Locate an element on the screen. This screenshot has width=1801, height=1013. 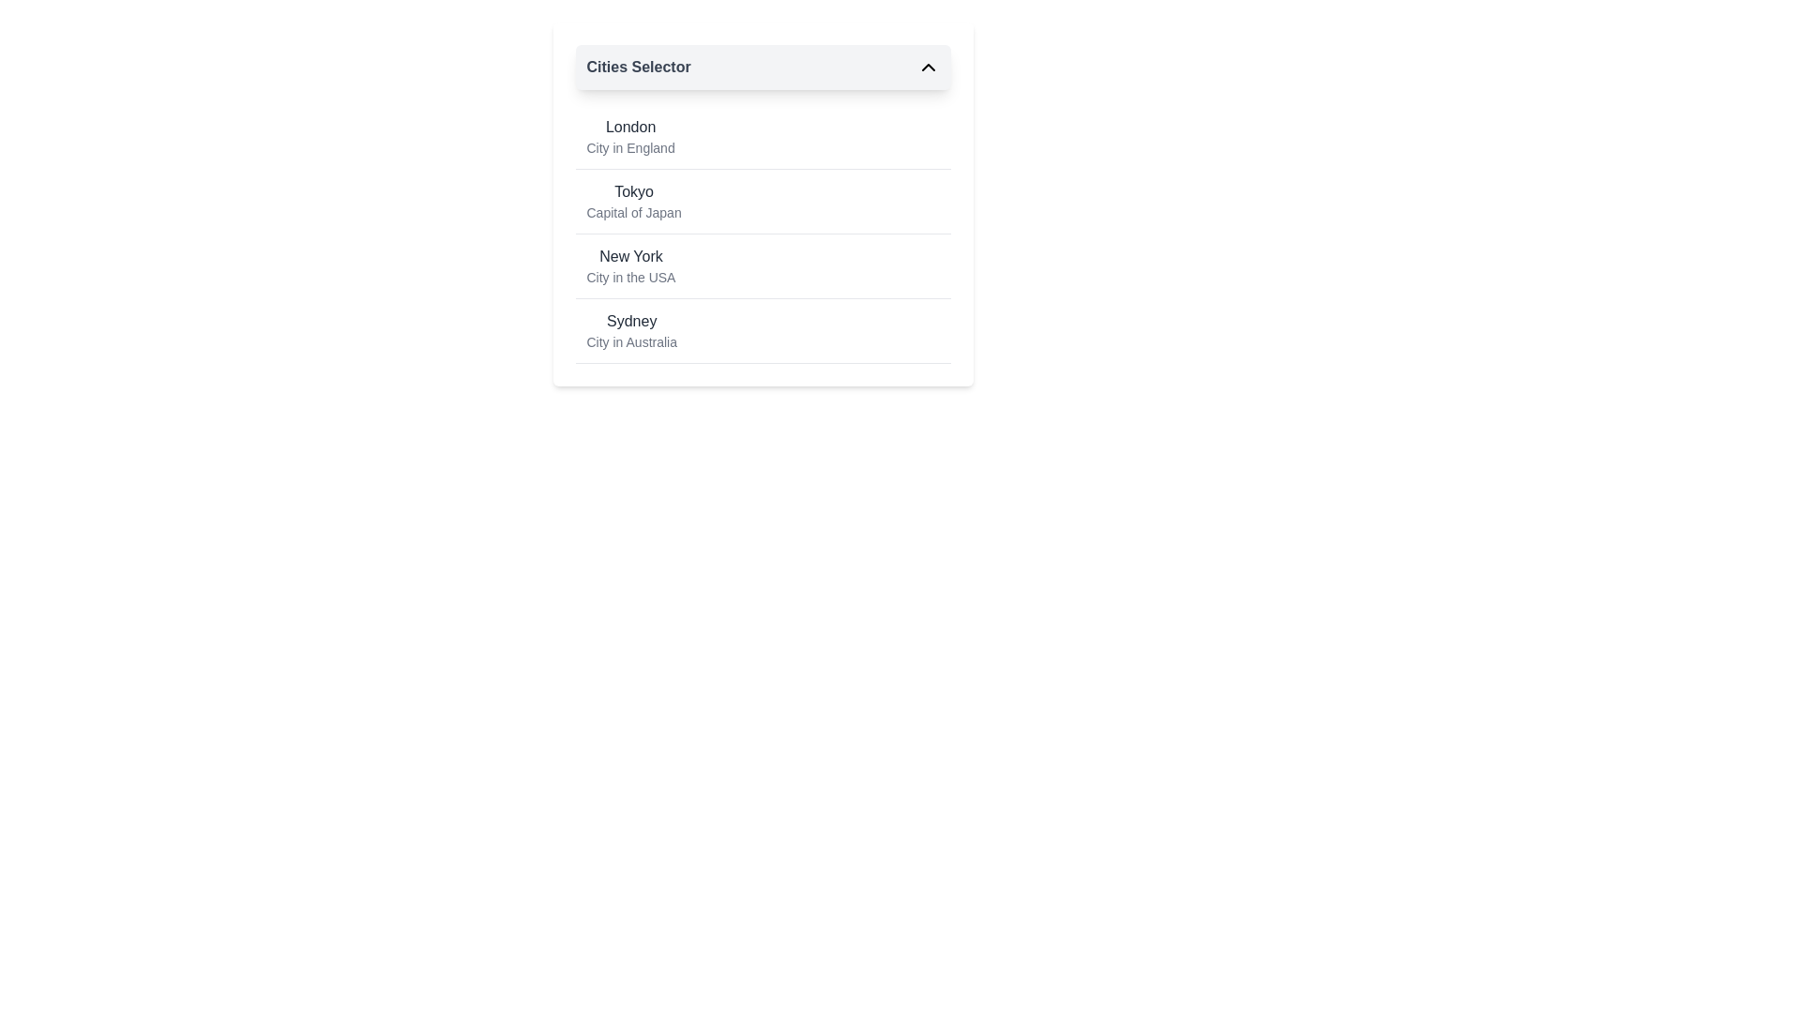
the second list item in the 'Cities Selector' drop-down, which displays city names like 'Tokyo' and their descriptions is located at coordinates (763, 204).